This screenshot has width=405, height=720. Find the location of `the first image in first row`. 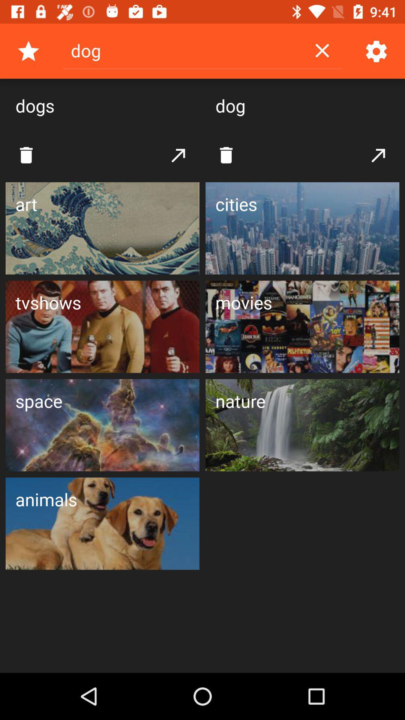

the first image in first row is located at coordinates (102, 228).